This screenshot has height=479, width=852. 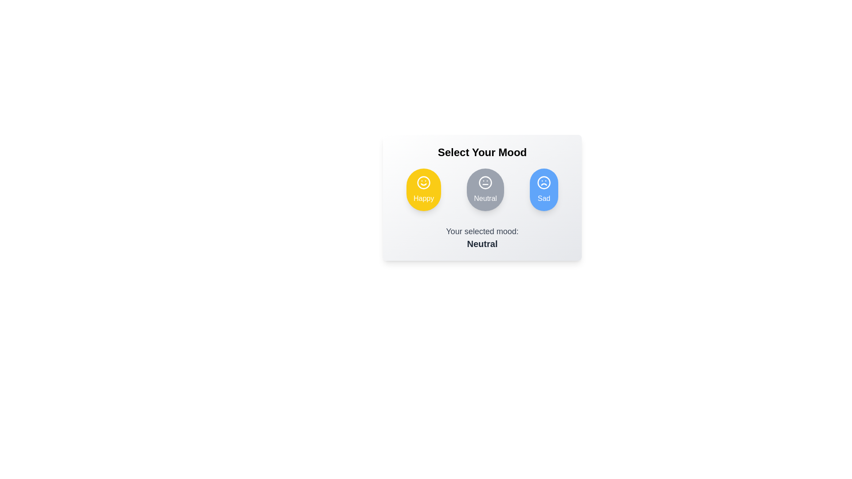 I want to click on the Mood Selector button, which is a circular icon with a neutral face emoji and the text 'Neutral' below it, positioned in the center of three mood options, so click(x=481, y=189).